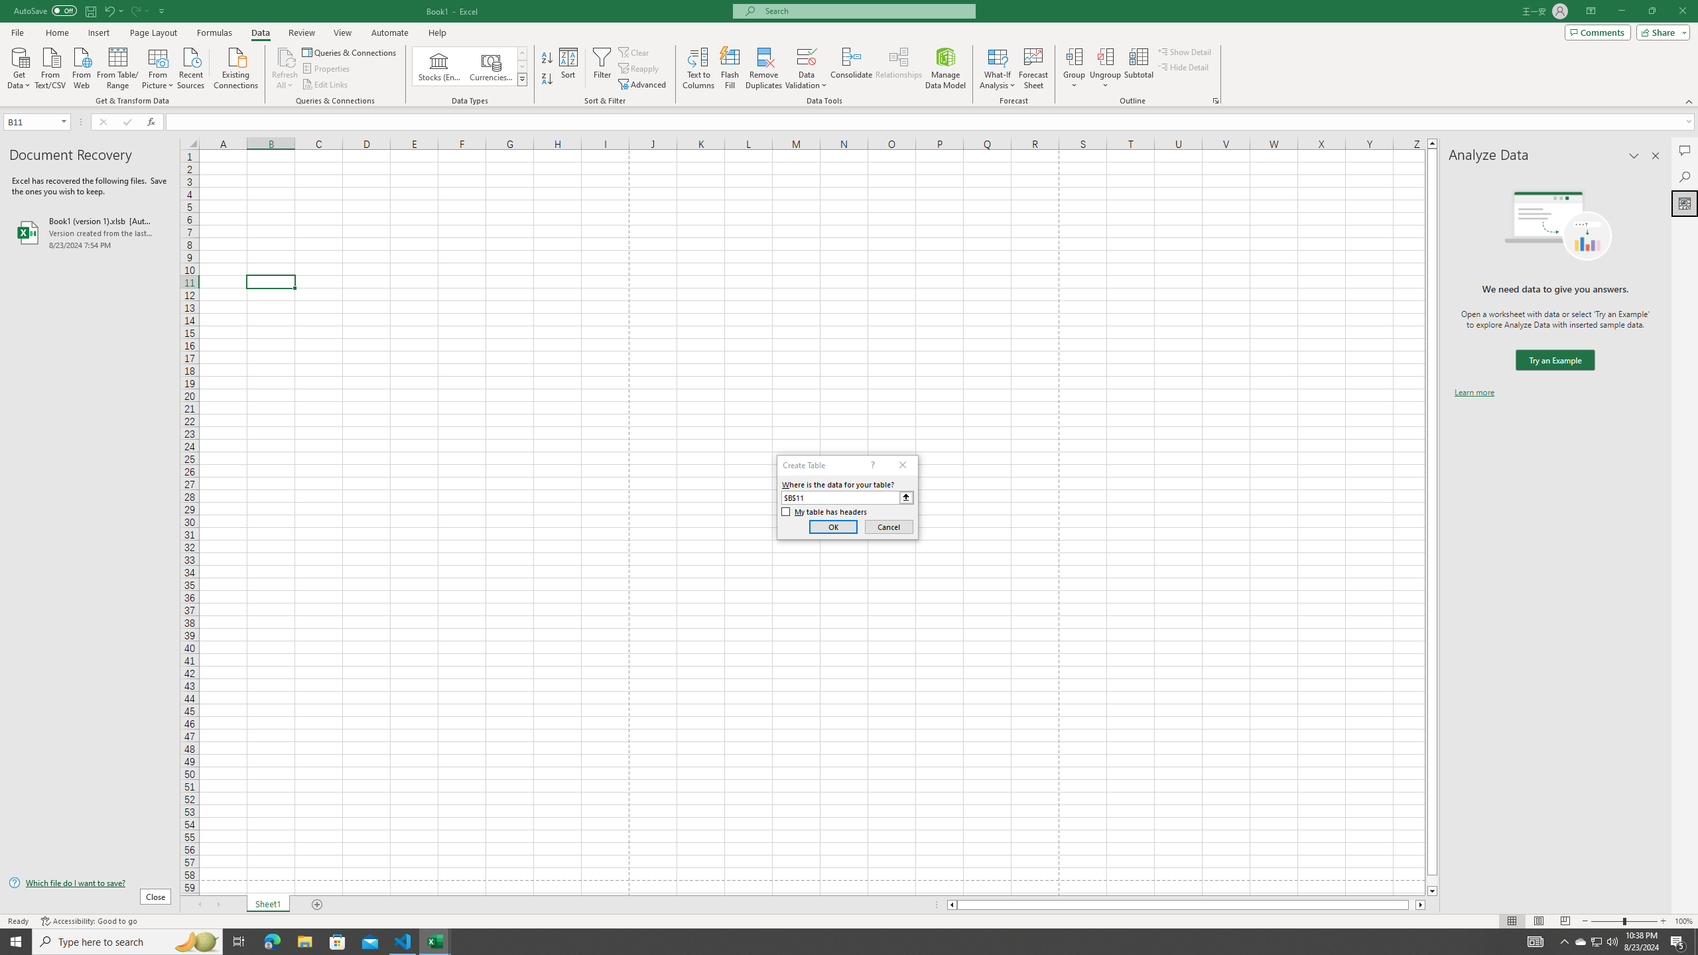  What do you see at coordinates (327, 68) in the screenshot?
I see `'Properties'` at bounding box center [327, 68].